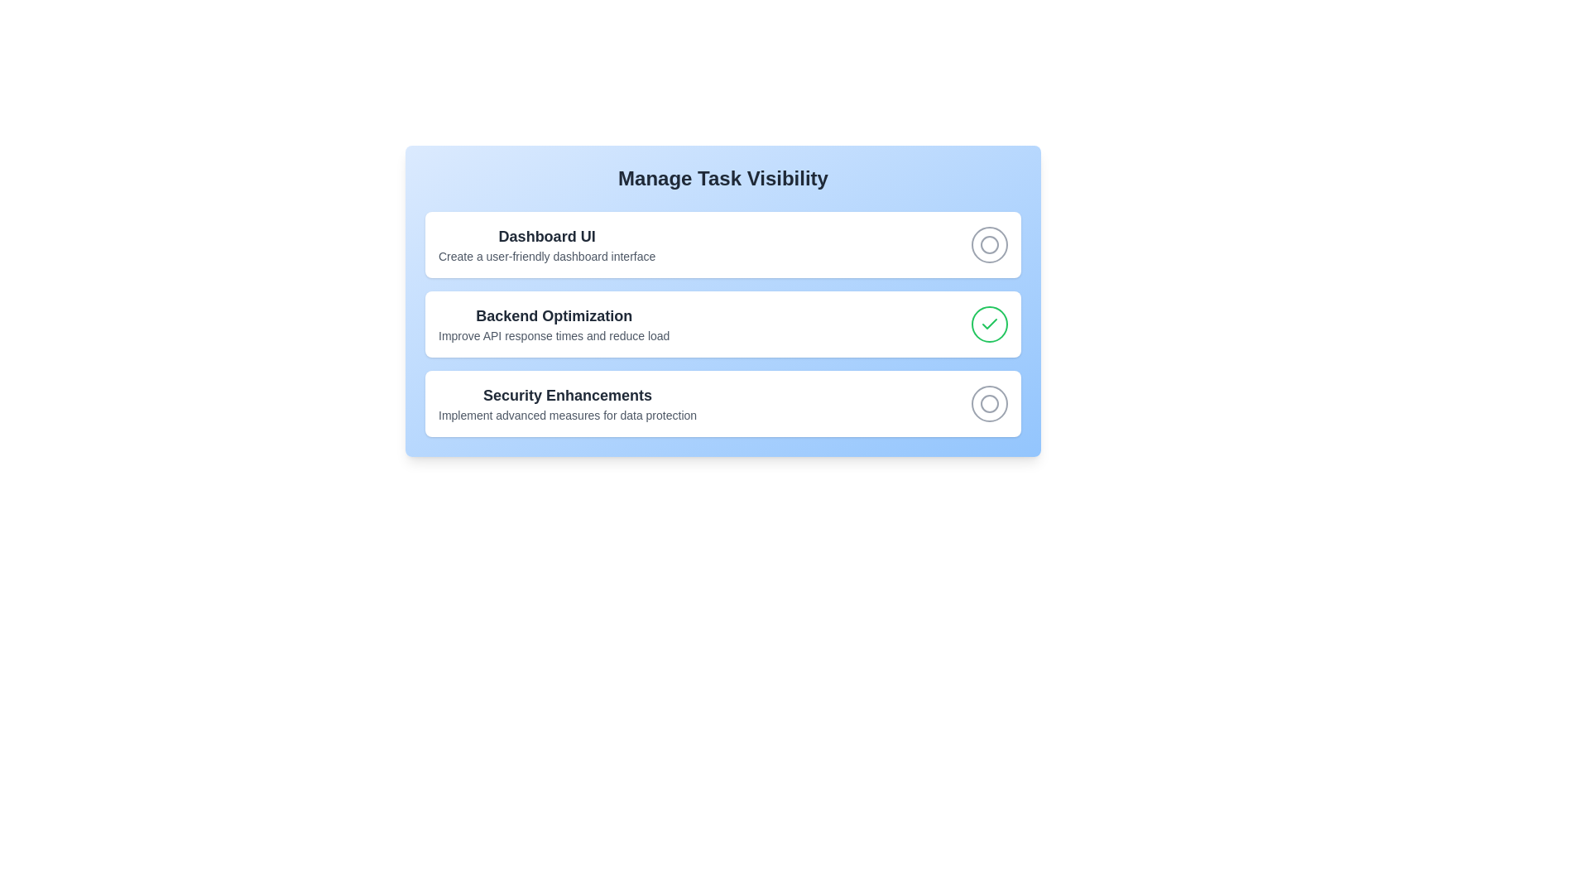  Describe the element at coordinates (989, 245) in the screenshot. I see `the circular checkbox icon with a thin gray border located on the right side of the 'Dashboard UI' text` at that location.